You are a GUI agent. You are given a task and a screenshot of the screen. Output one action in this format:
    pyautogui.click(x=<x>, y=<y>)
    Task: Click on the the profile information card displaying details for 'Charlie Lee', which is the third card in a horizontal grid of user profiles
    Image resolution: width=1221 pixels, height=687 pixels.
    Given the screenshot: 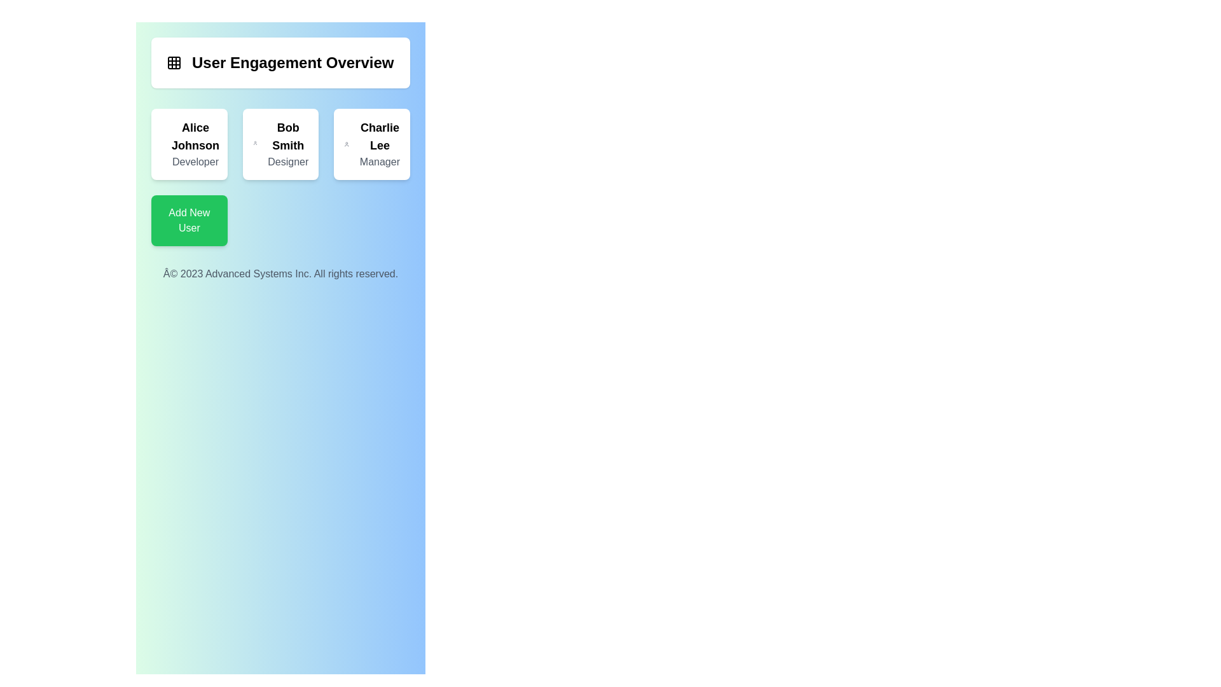 What is the action you would take?
    pyautogui.click(x=371, y=144)
    